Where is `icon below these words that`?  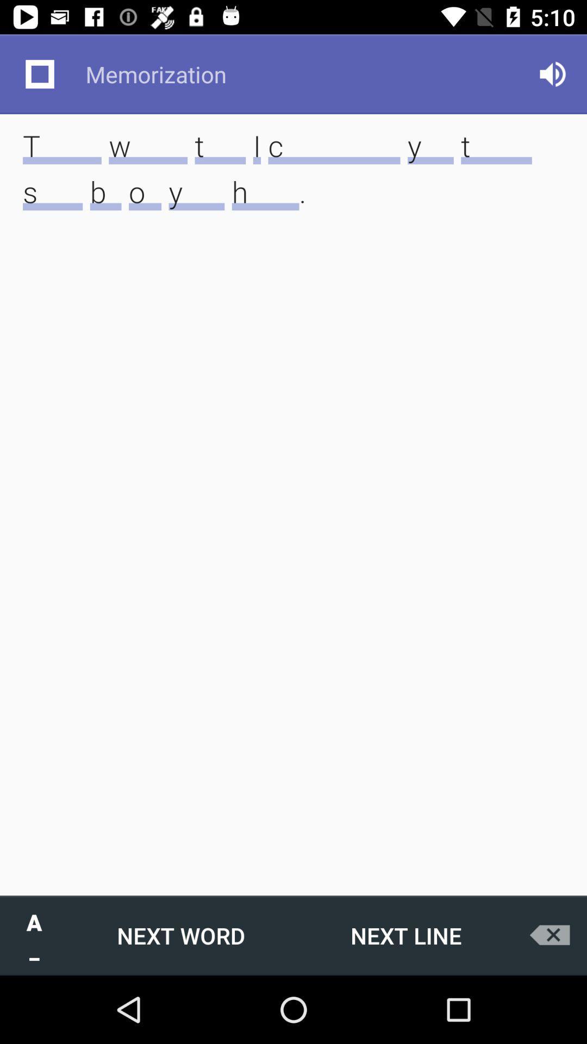
icon below these words that is located at coordinates (406, 935).